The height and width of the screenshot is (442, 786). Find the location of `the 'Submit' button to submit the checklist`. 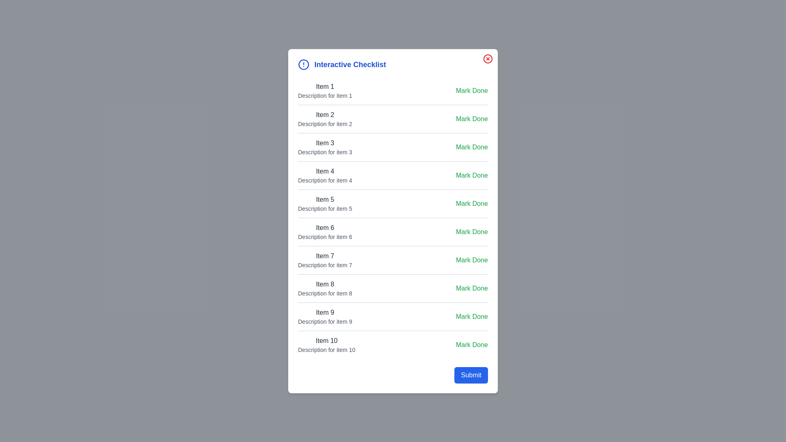

the 'Submit' button to submit the checklist is located at coordinates (471, 374).